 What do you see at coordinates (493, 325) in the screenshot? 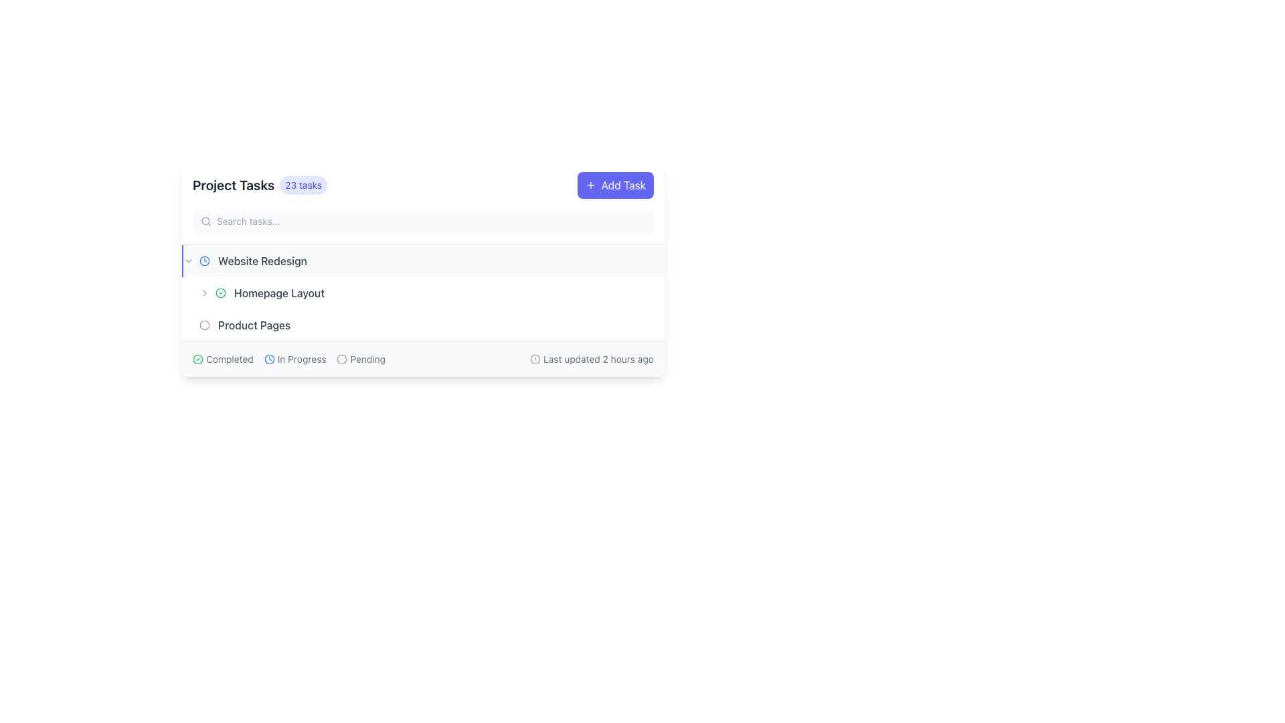
I see `the Text label displaying the name of a user associated with a task, located in the middle portion of the interface next to the date '2024-03-20.'` at bounding box center [493, 325].